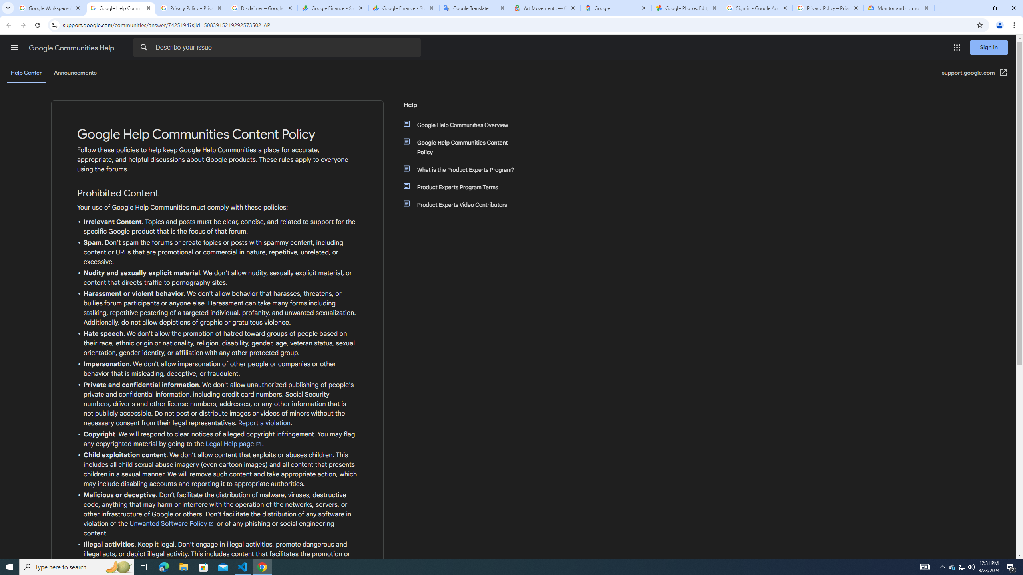  I want to click on 'Google Help Communities Overview', so click(464, 125).